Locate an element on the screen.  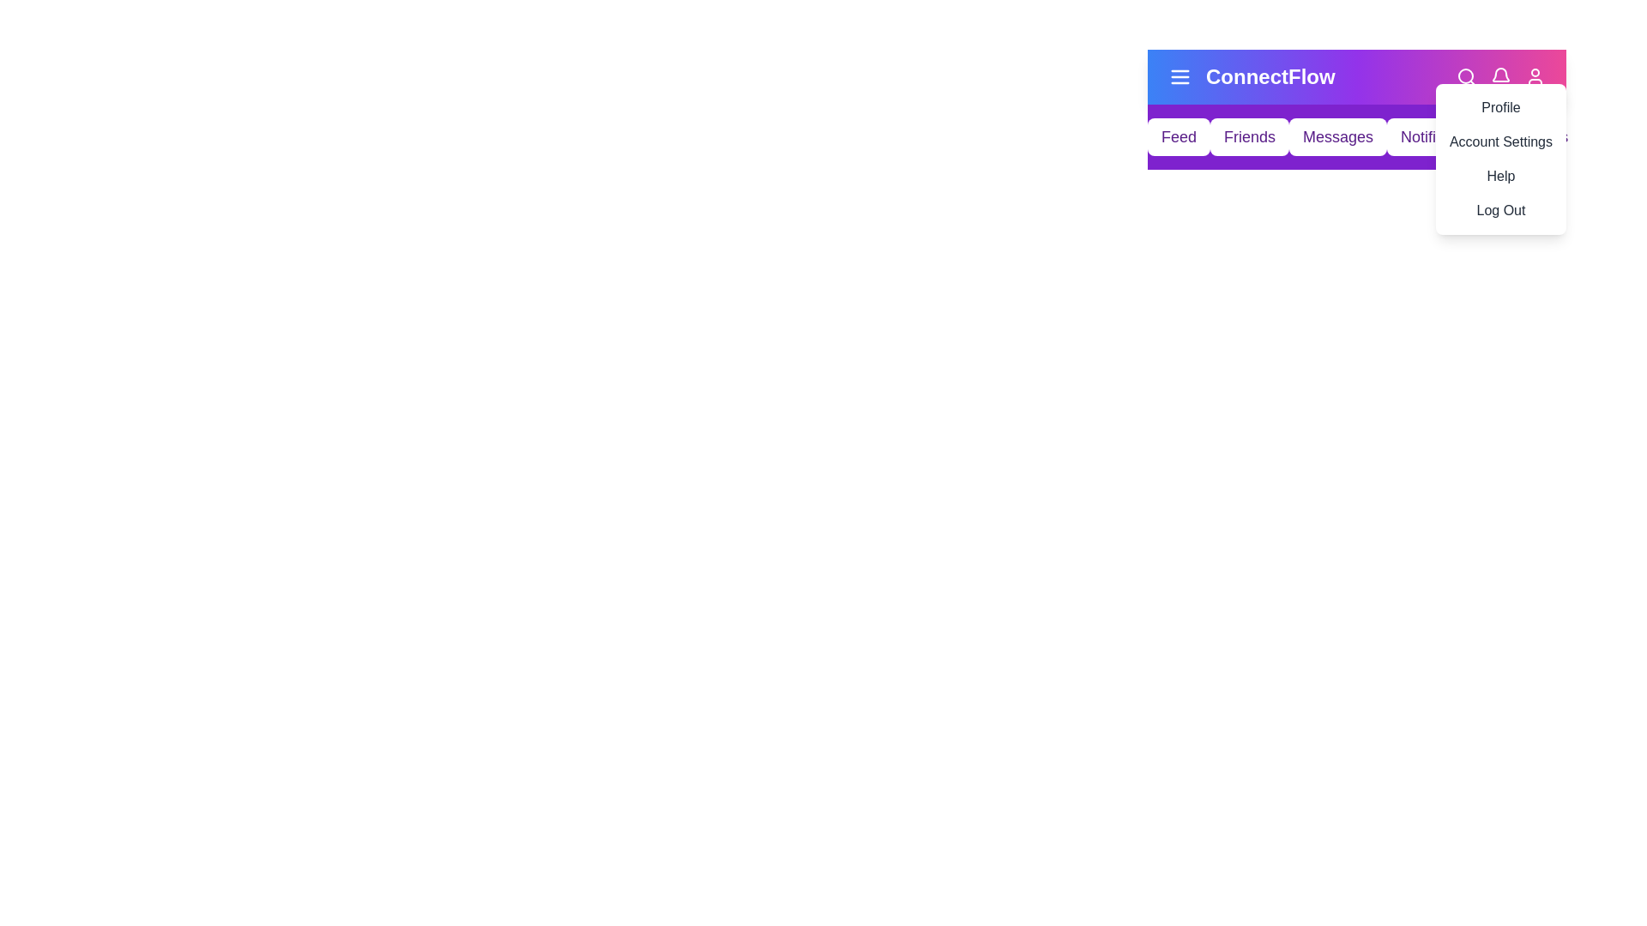
the navigation menu item labeled Friends to navigate to the respective section is located at coordinates (1250, 135).